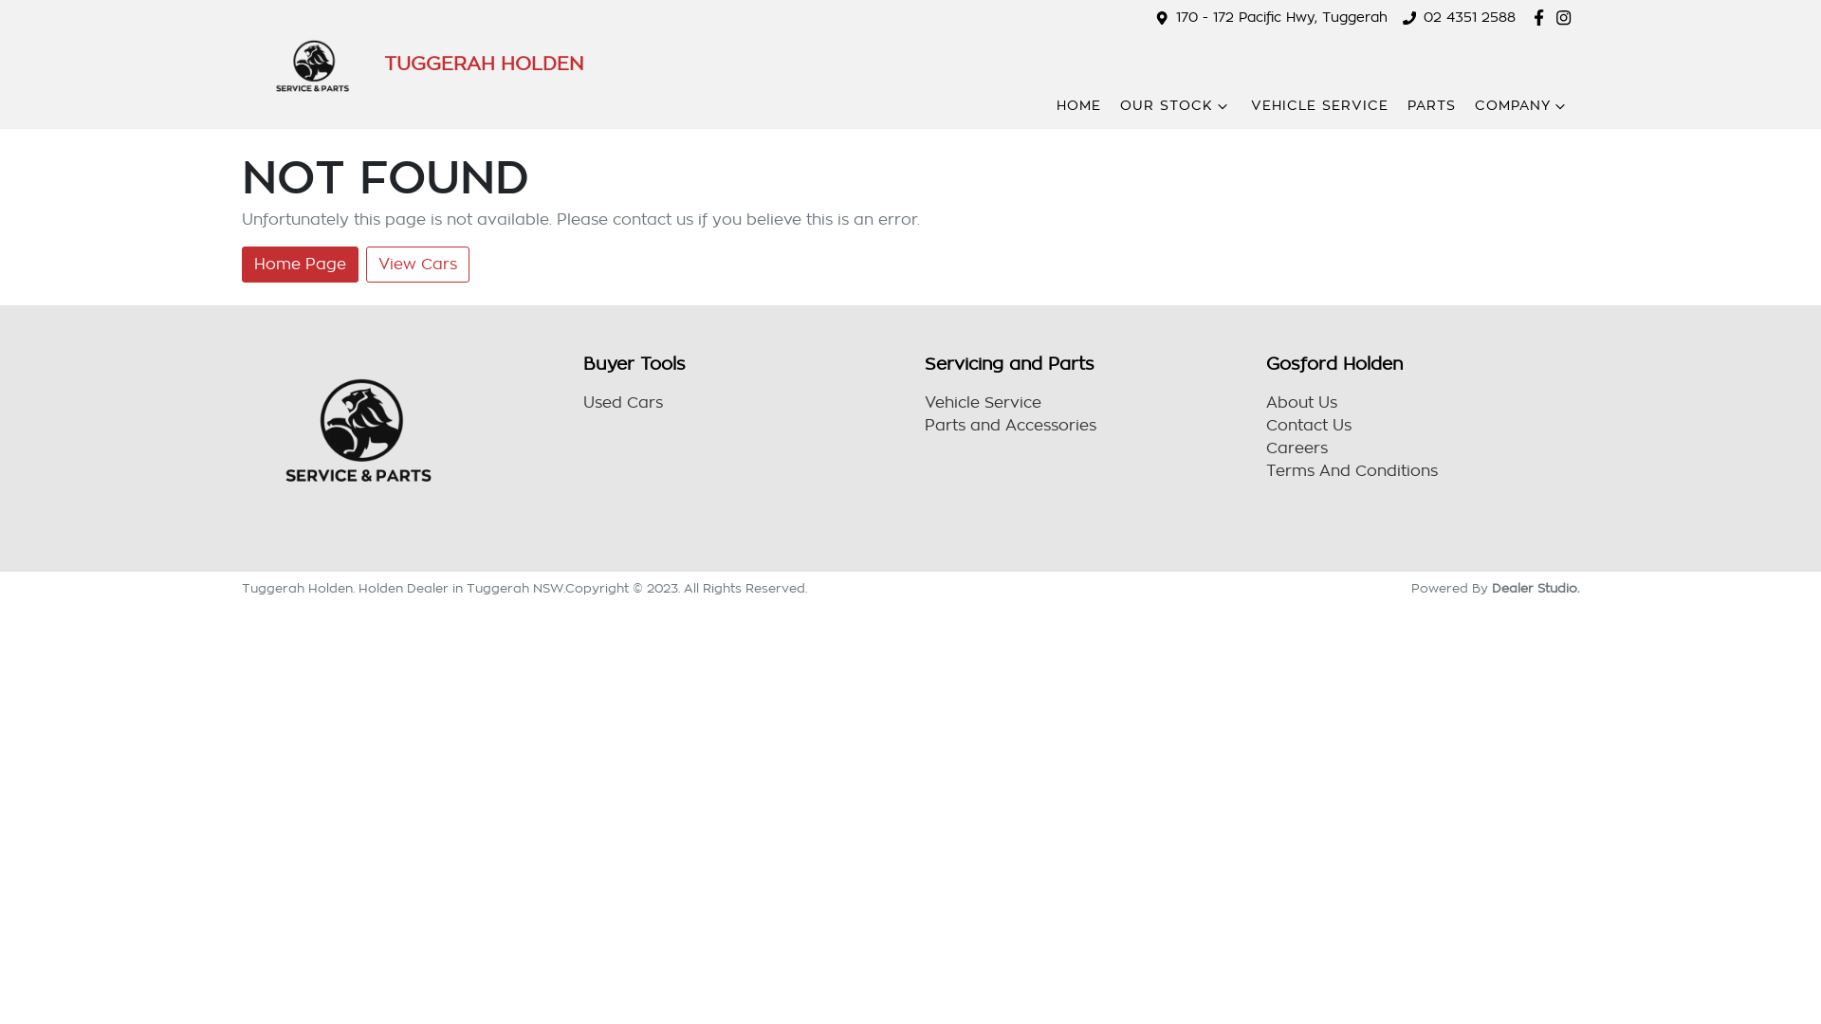  I want to click on 'Contact Us', so click(1308, 424).